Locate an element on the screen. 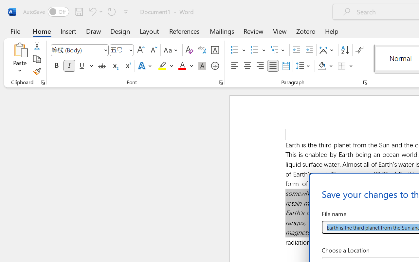  'Undo Italic' is located at coordinates (95, 11).